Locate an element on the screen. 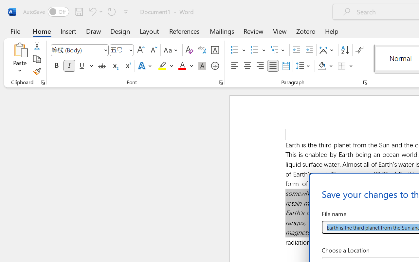  'Undo Italic' is located at coordinates (95, 11).